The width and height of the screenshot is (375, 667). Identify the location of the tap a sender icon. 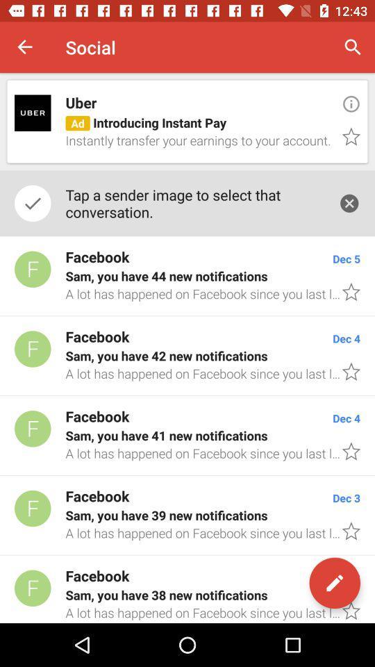
(194, 202).